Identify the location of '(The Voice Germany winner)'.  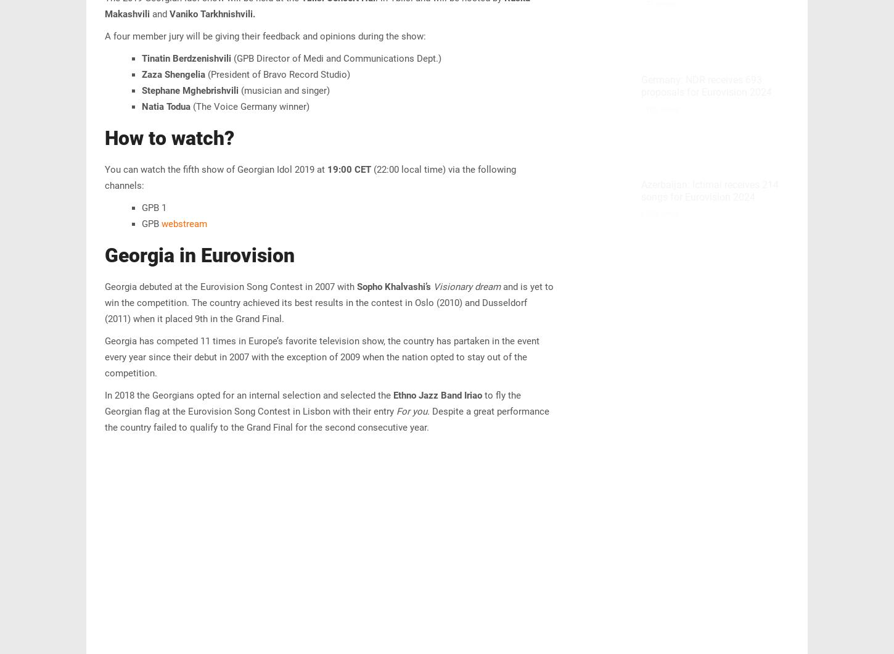
(249, 106).